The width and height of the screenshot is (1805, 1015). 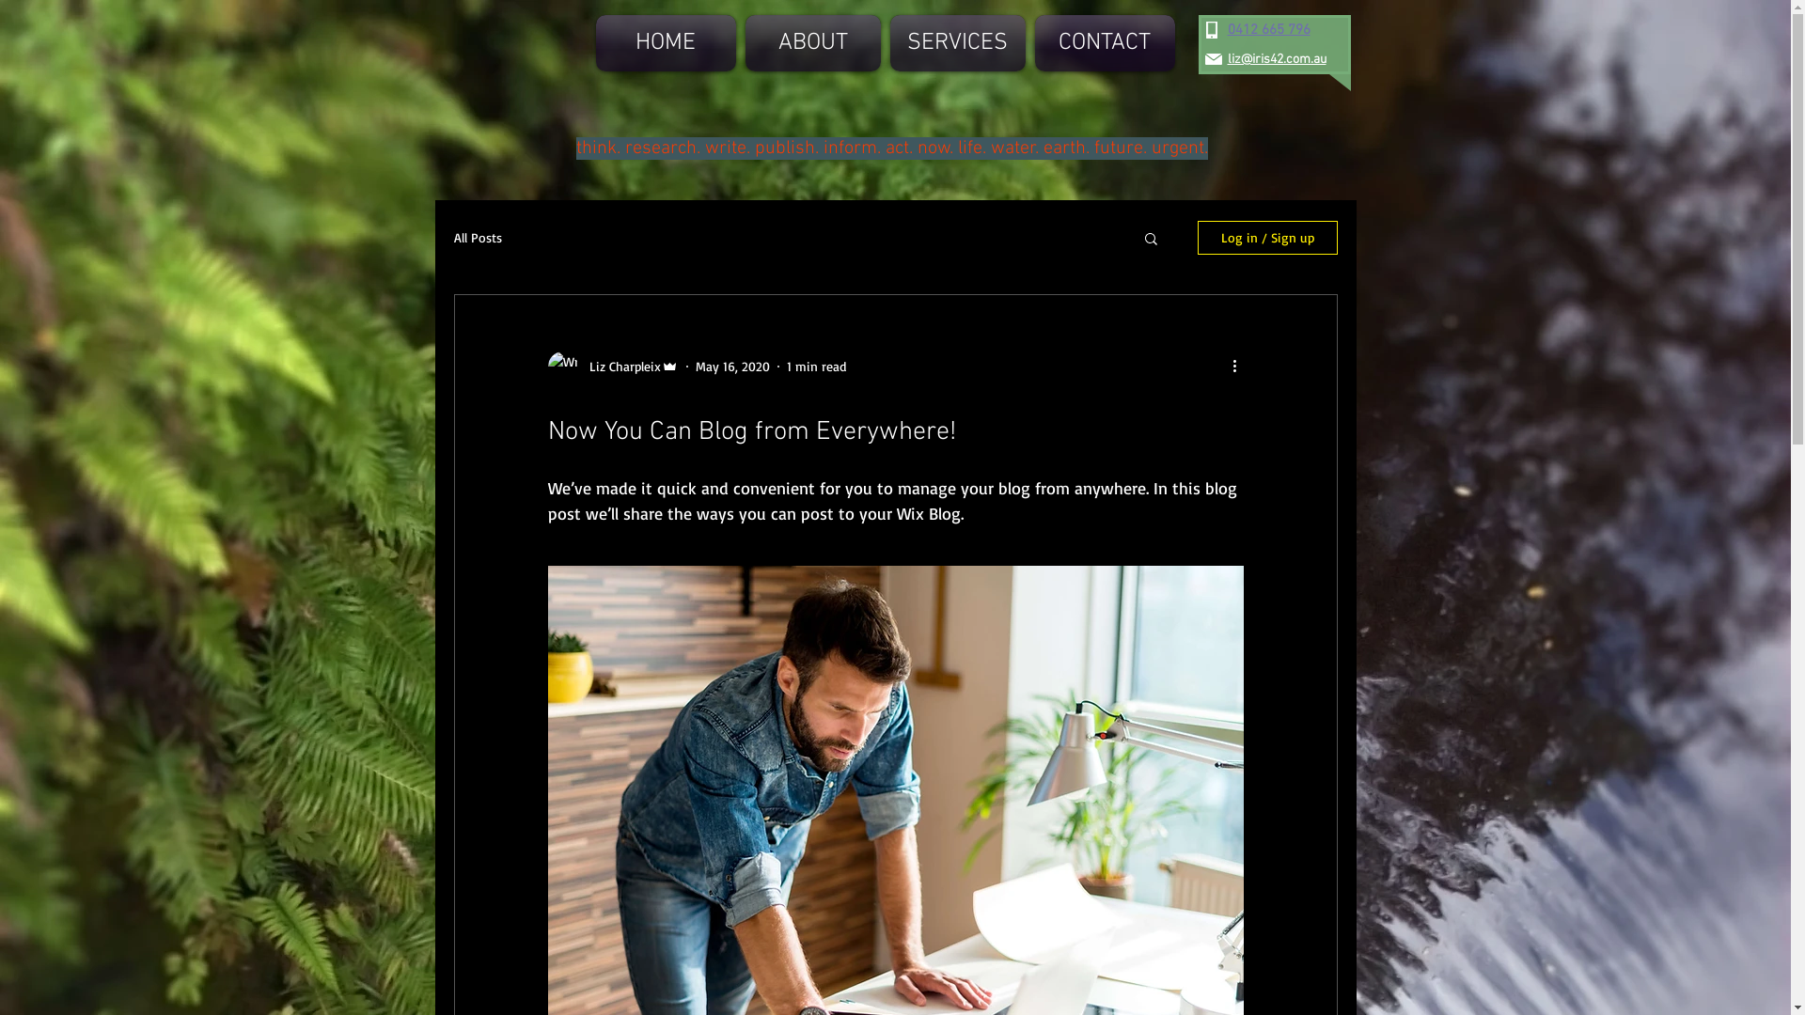 What do you see at coordinates (812, 42) in the screenshot?
I see `'ABOUT'` at bounding box center [812, 42].